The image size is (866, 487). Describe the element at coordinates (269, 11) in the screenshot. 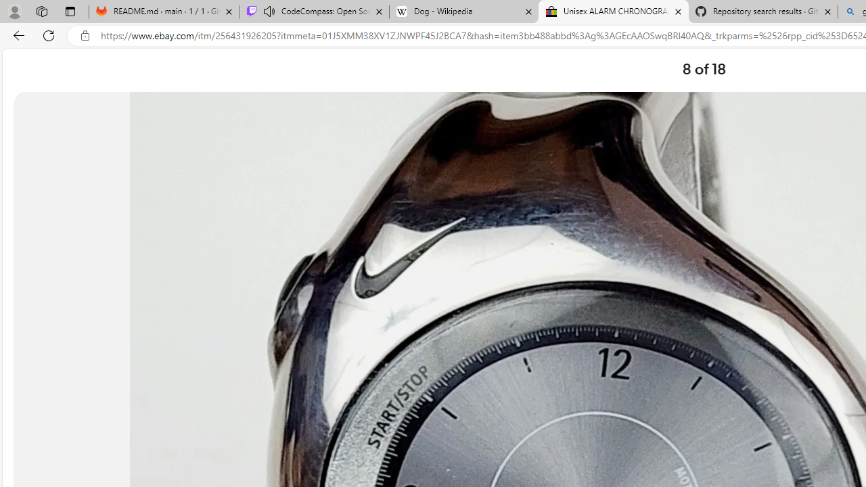

I see `'Mute tab'` at that location.